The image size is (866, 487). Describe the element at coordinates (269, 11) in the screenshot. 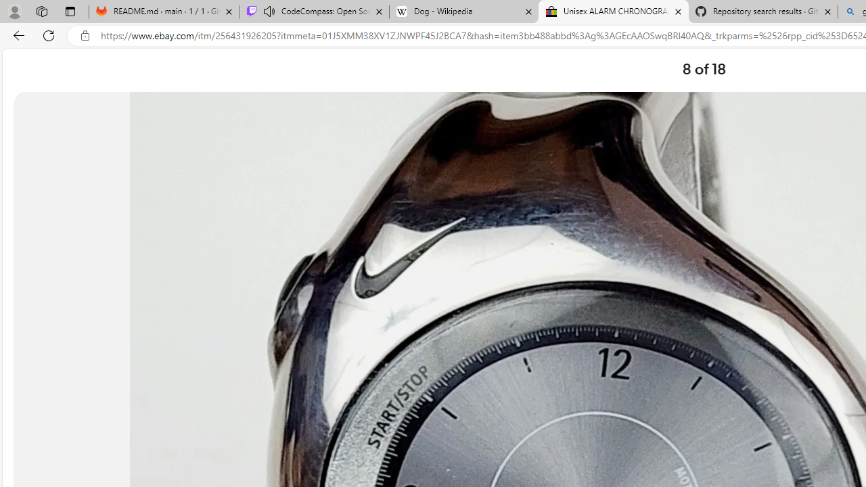

I see `'Mute tab'` at that location.